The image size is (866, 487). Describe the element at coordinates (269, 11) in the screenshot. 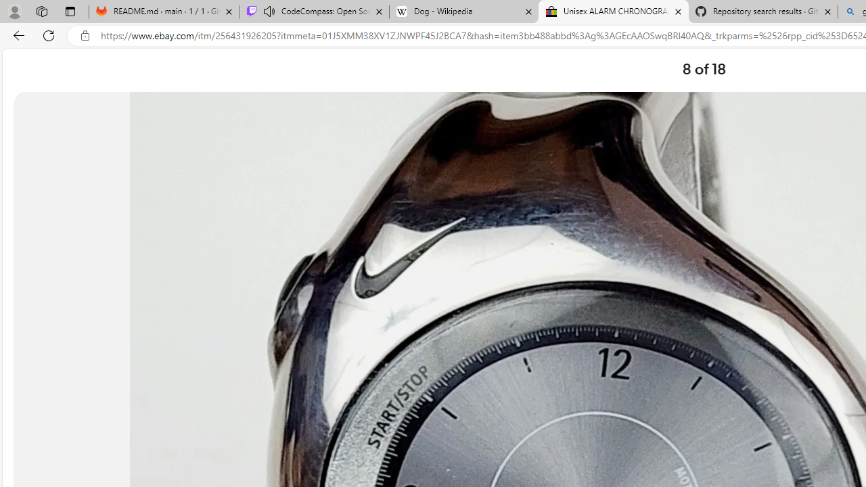

I see `'Mute tab'` at that location.